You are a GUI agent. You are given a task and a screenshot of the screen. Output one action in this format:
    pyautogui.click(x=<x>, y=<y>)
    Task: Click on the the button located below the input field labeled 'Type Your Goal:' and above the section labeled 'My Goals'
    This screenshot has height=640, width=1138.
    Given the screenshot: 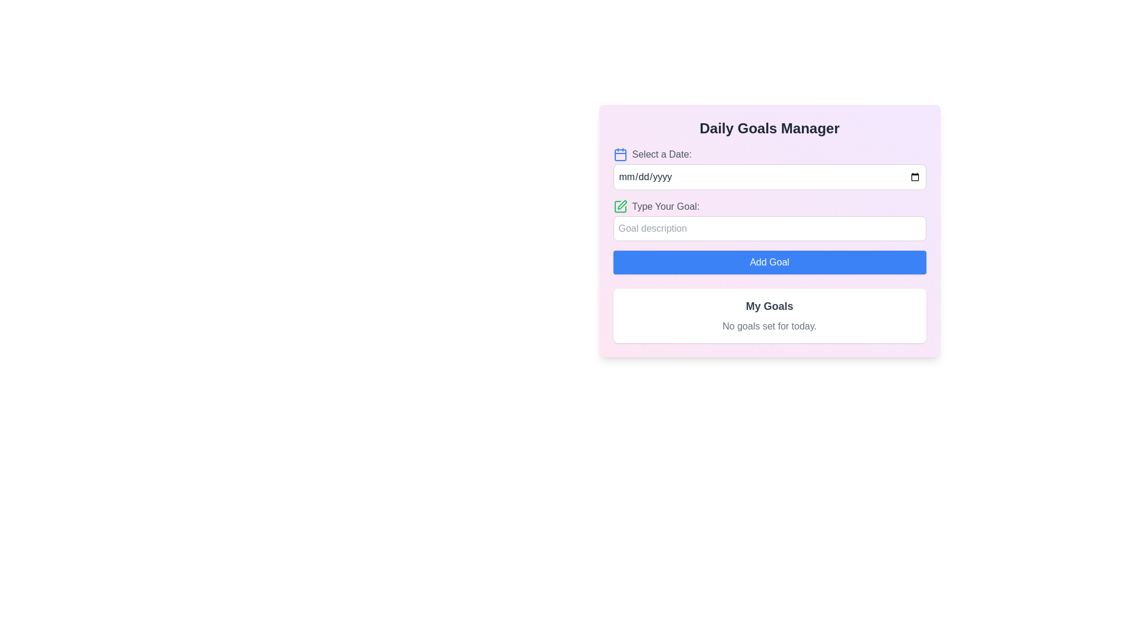 What is the action you would take?
    pyautogui.click(x=769, y=262)
    